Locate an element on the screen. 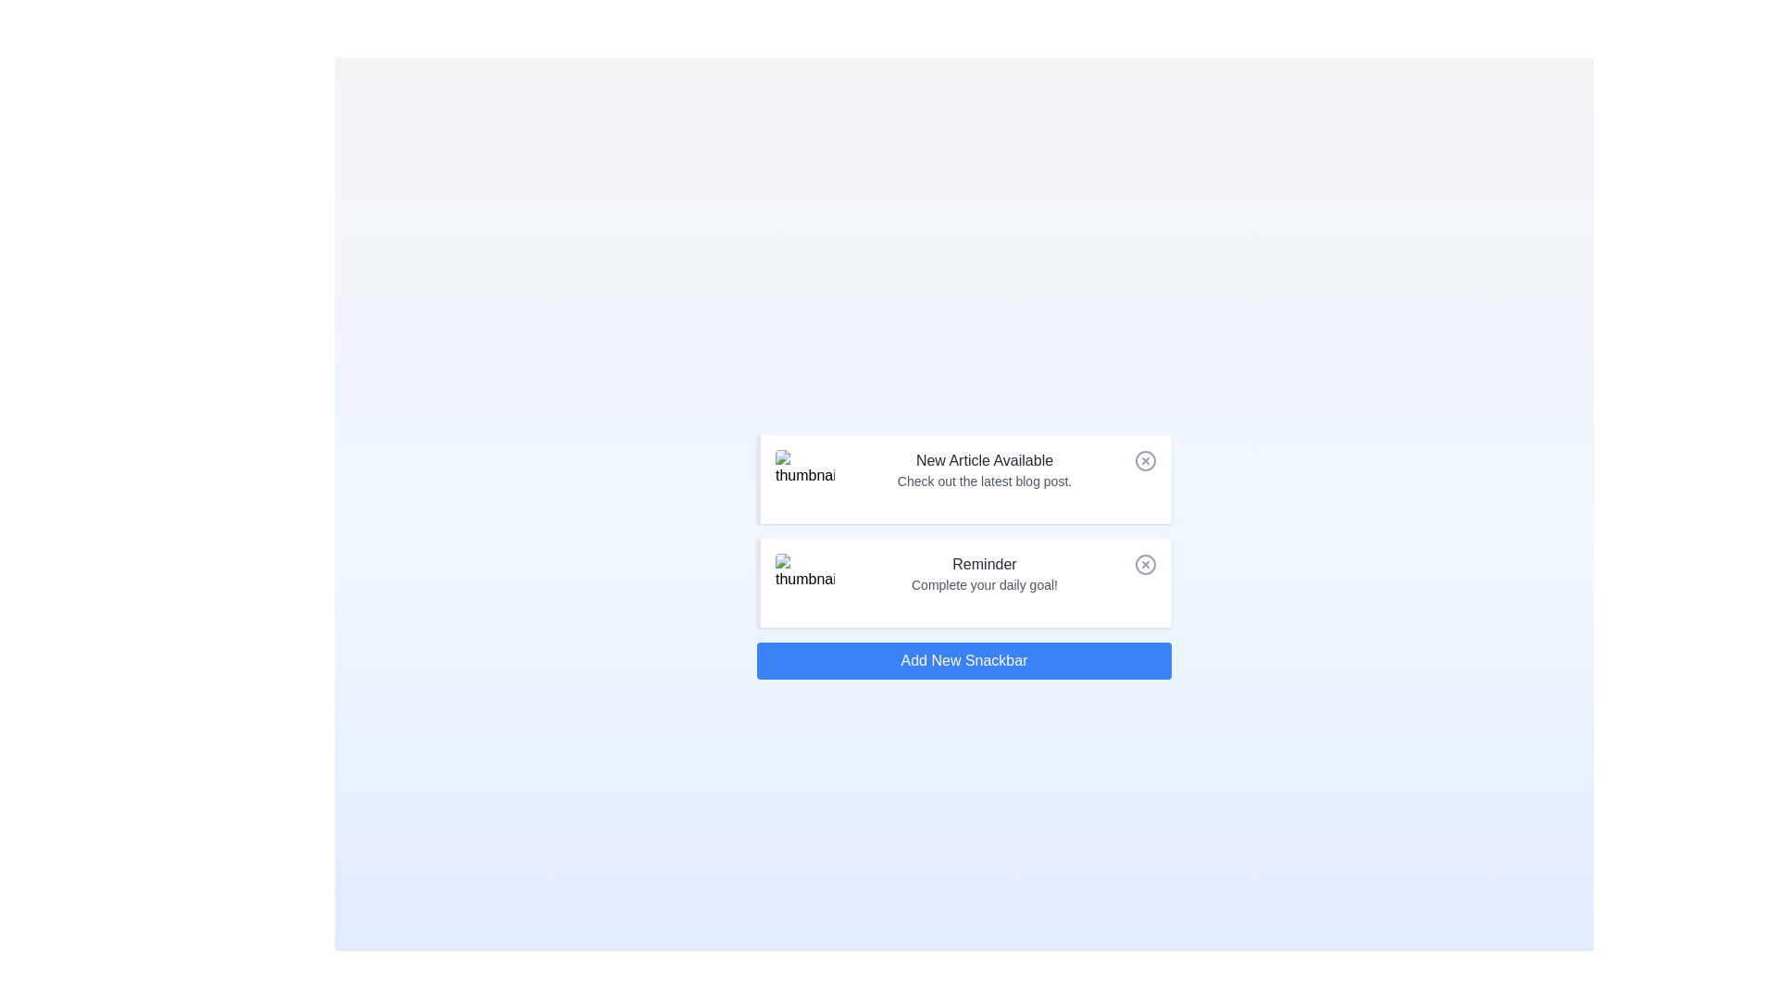 This screenshot has width=1777, height=1000. the notification image for Reminder is located at coordinates (804, 581).